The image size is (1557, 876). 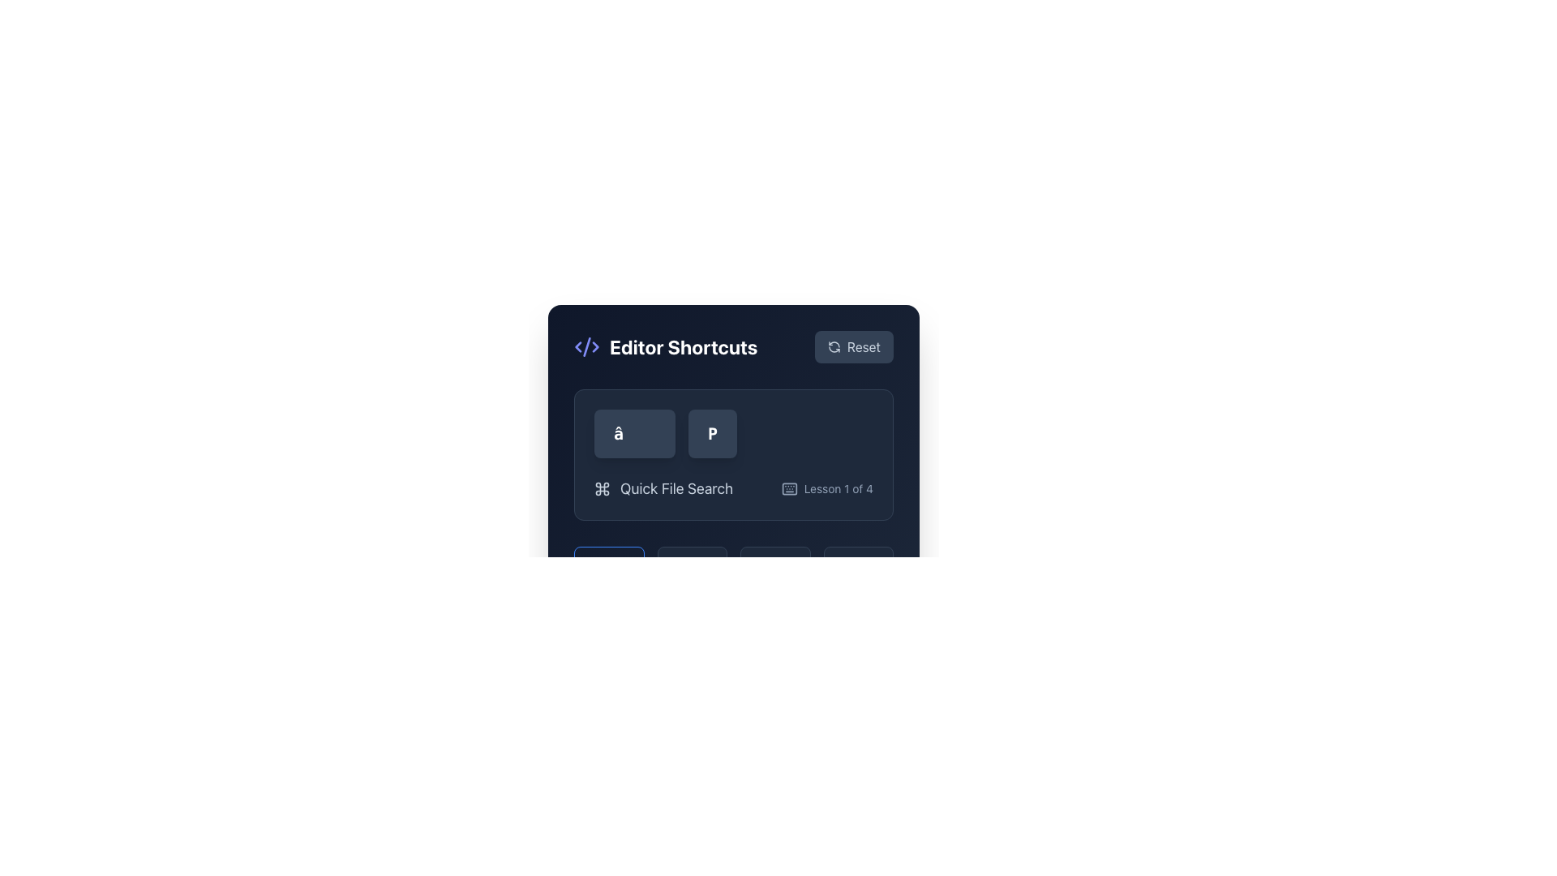 I want to click on Text Label with an Icon, which is the first label in a horizontal group indicating a feature related to quick file searching, so click(x=663, y=487).